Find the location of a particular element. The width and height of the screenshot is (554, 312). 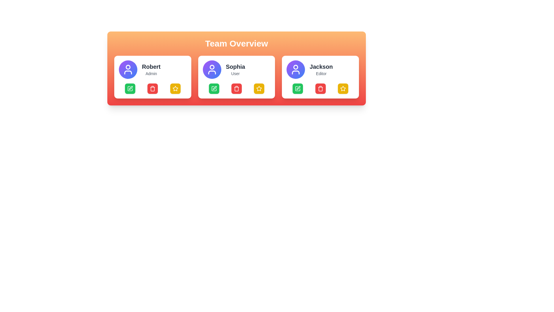

the SVG Circle that represents the head of the user icon for 'Robert', an Admin, located in the leftmost card of the horizontal team overview layout is located at coordinates (128, 66).